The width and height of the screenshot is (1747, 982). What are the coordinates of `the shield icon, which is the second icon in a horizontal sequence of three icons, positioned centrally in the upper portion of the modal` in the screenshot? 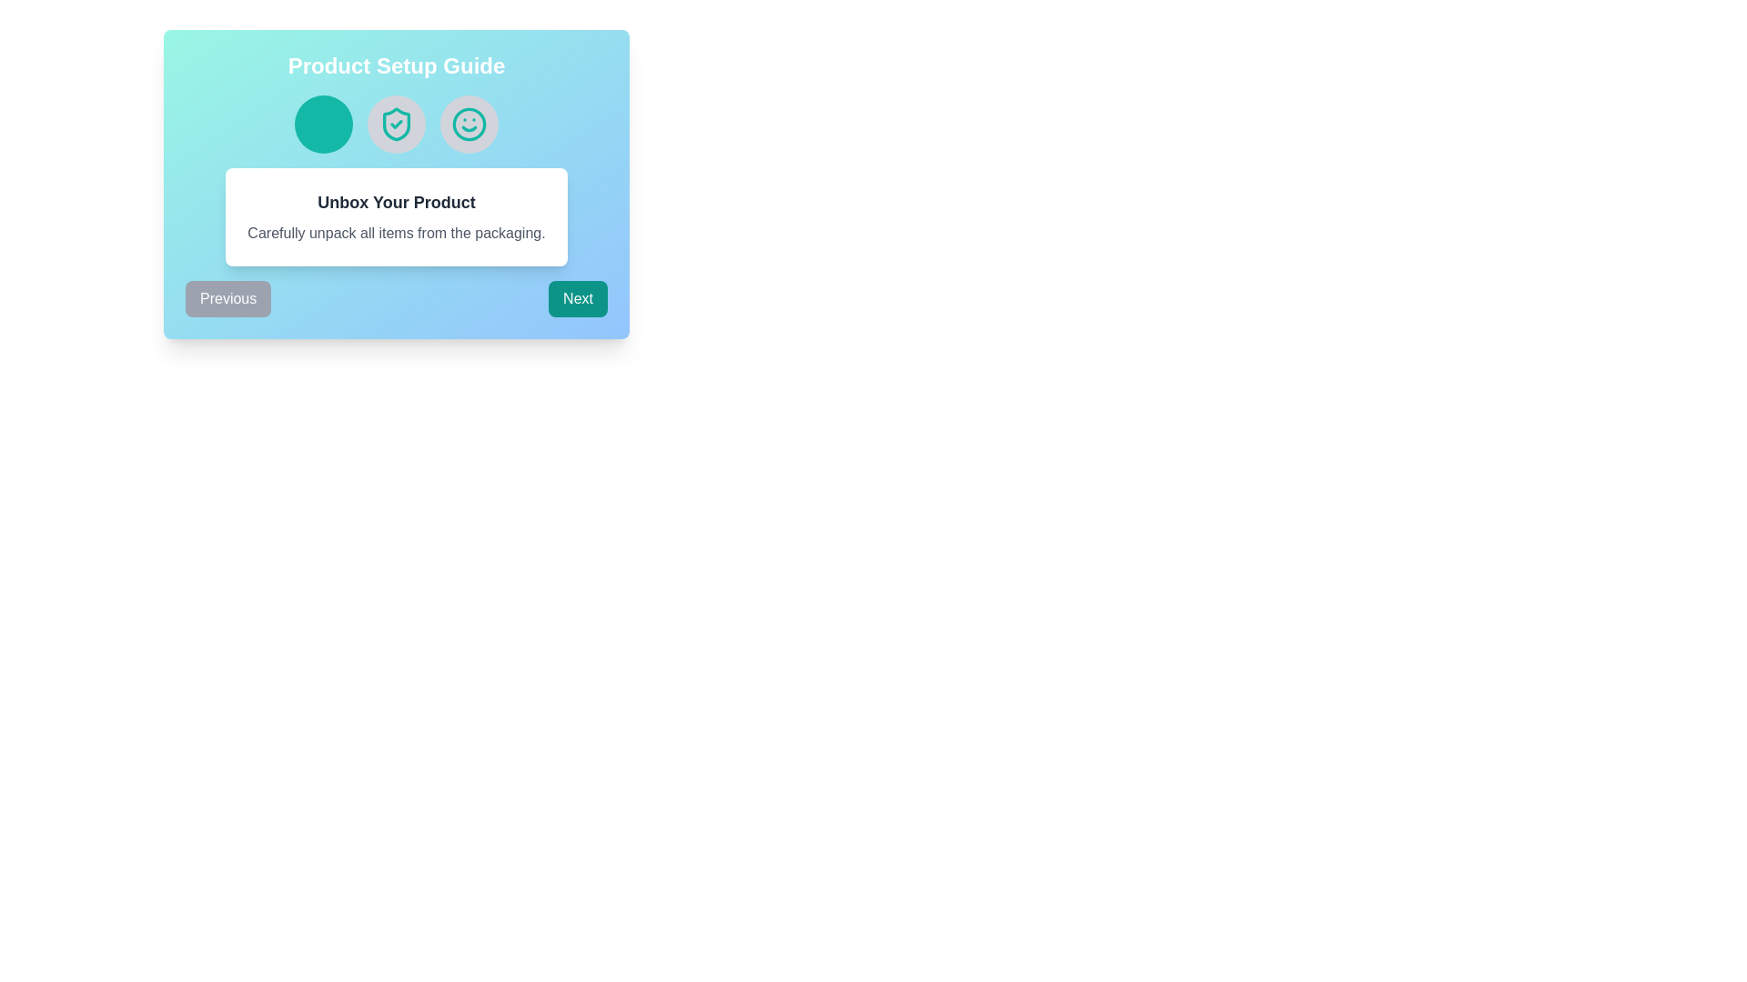 It's located at (396, 124).